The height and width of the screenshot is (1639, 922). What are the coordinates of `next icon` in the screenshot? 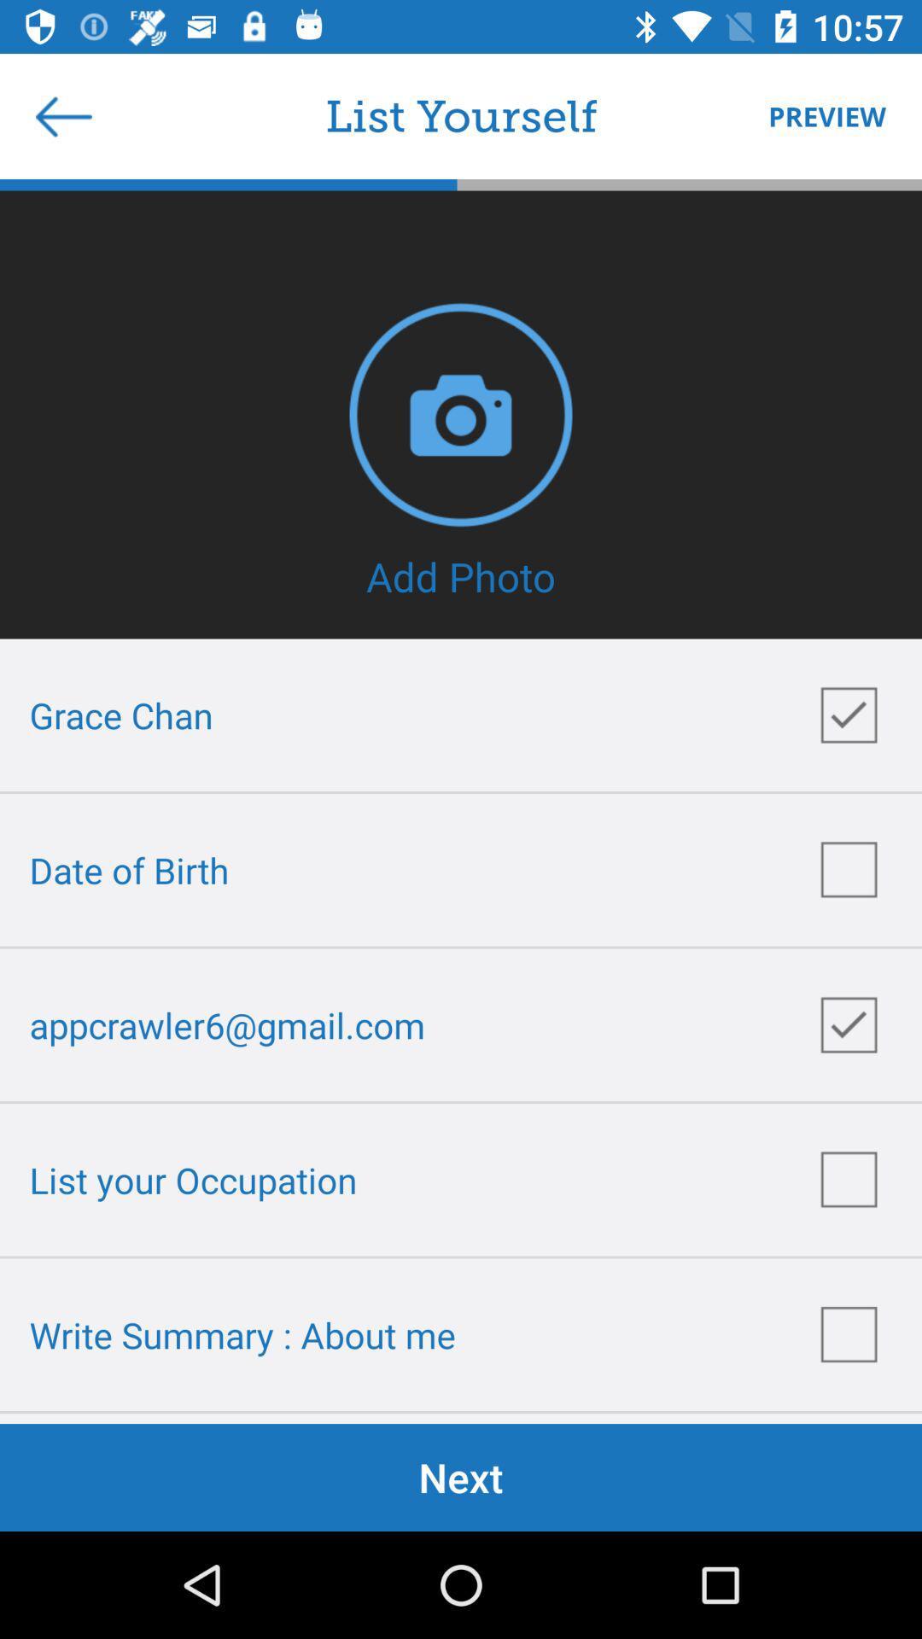 It's located at (461, 1477).